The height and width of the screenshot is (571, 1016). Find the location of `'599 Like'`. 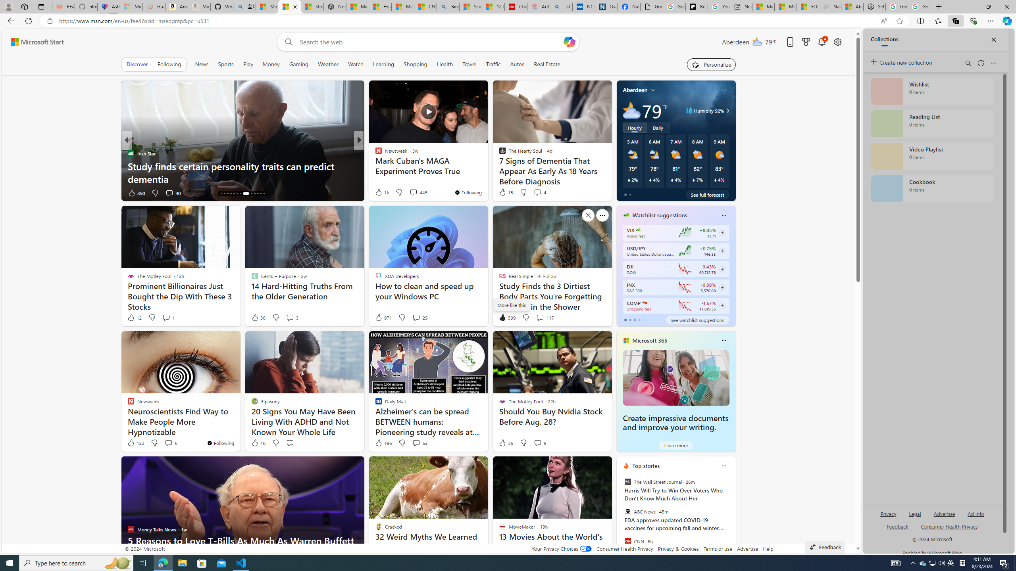

'599 Like' is located at coordinates (506, 317).